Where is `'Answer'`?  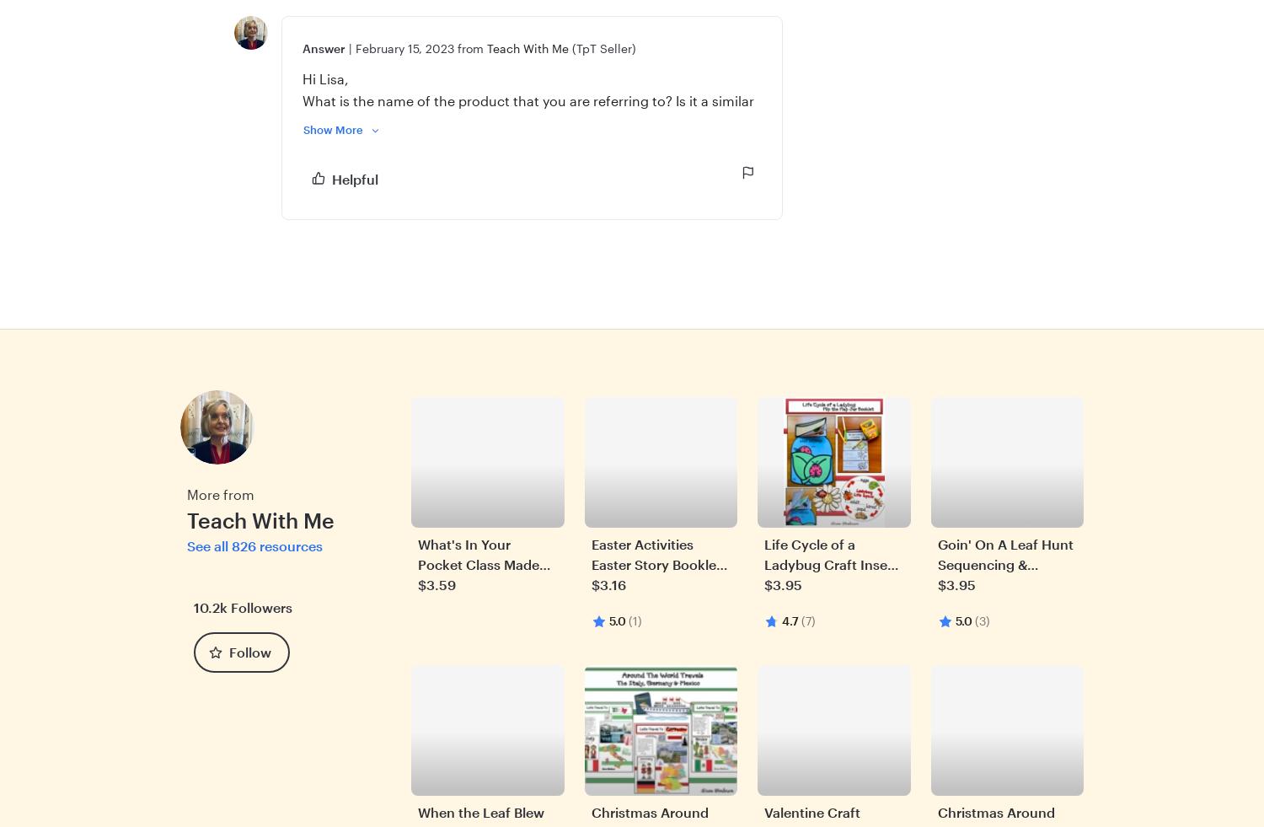
'Answer' is located at coordinates (324, 46).